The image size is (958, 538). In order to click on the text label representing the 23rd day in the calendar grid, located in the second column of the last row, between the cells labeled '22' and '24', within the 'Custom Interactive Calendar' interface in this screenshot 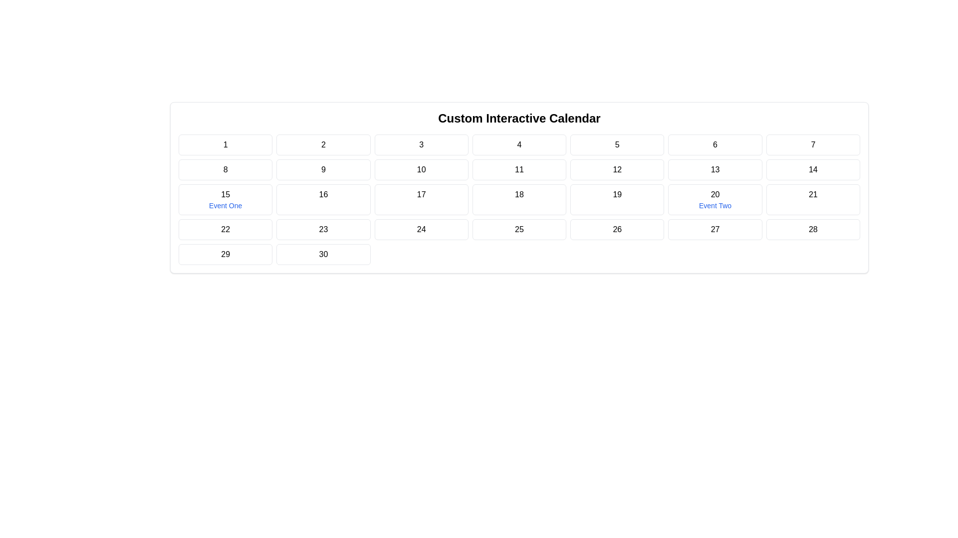, I will do `click(323, 230)`.